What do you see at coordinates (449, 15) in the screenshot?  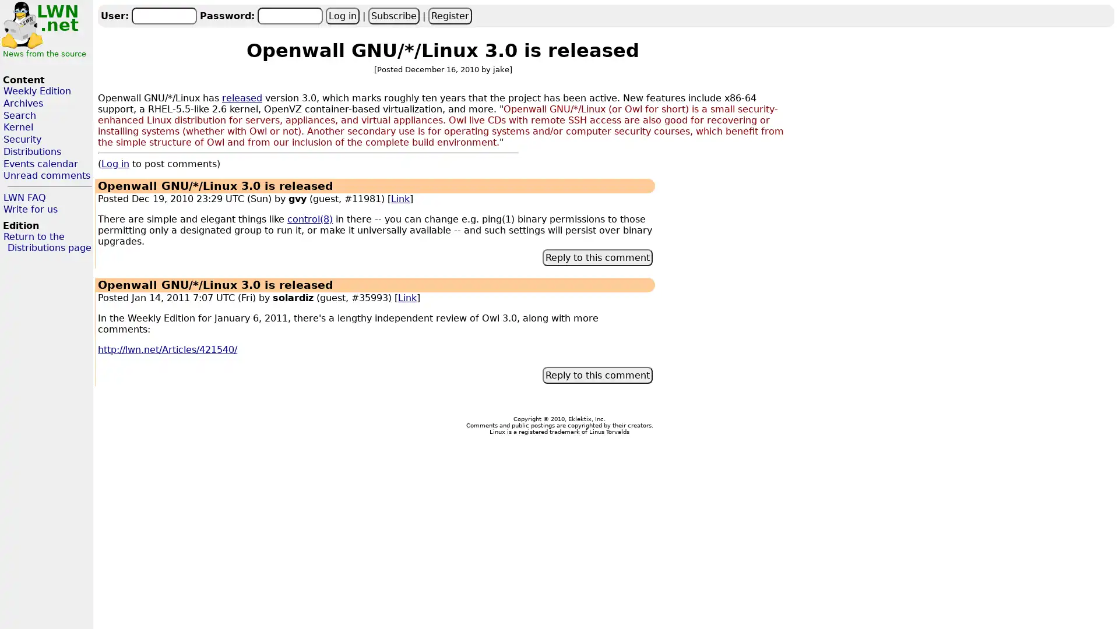 I see `Register` at bounding box center [449, 15].